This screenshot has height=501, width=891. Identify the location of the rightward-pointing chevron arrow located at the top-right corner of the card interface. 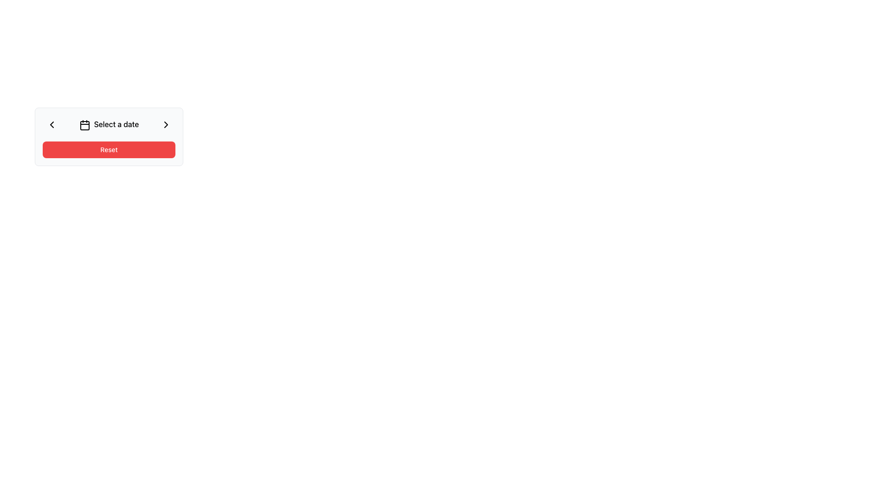
(166, 124).